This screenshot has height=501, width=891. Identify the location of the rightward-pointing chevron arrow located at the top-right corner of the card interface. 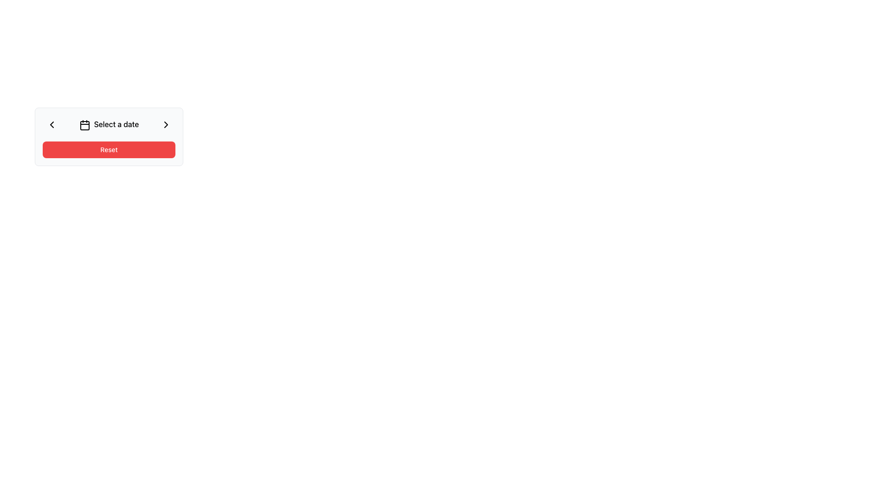
(166, 124).